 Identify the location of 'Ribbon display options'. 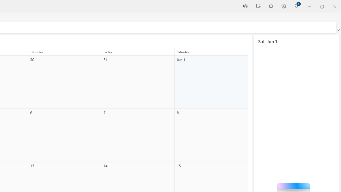
(338, 30).